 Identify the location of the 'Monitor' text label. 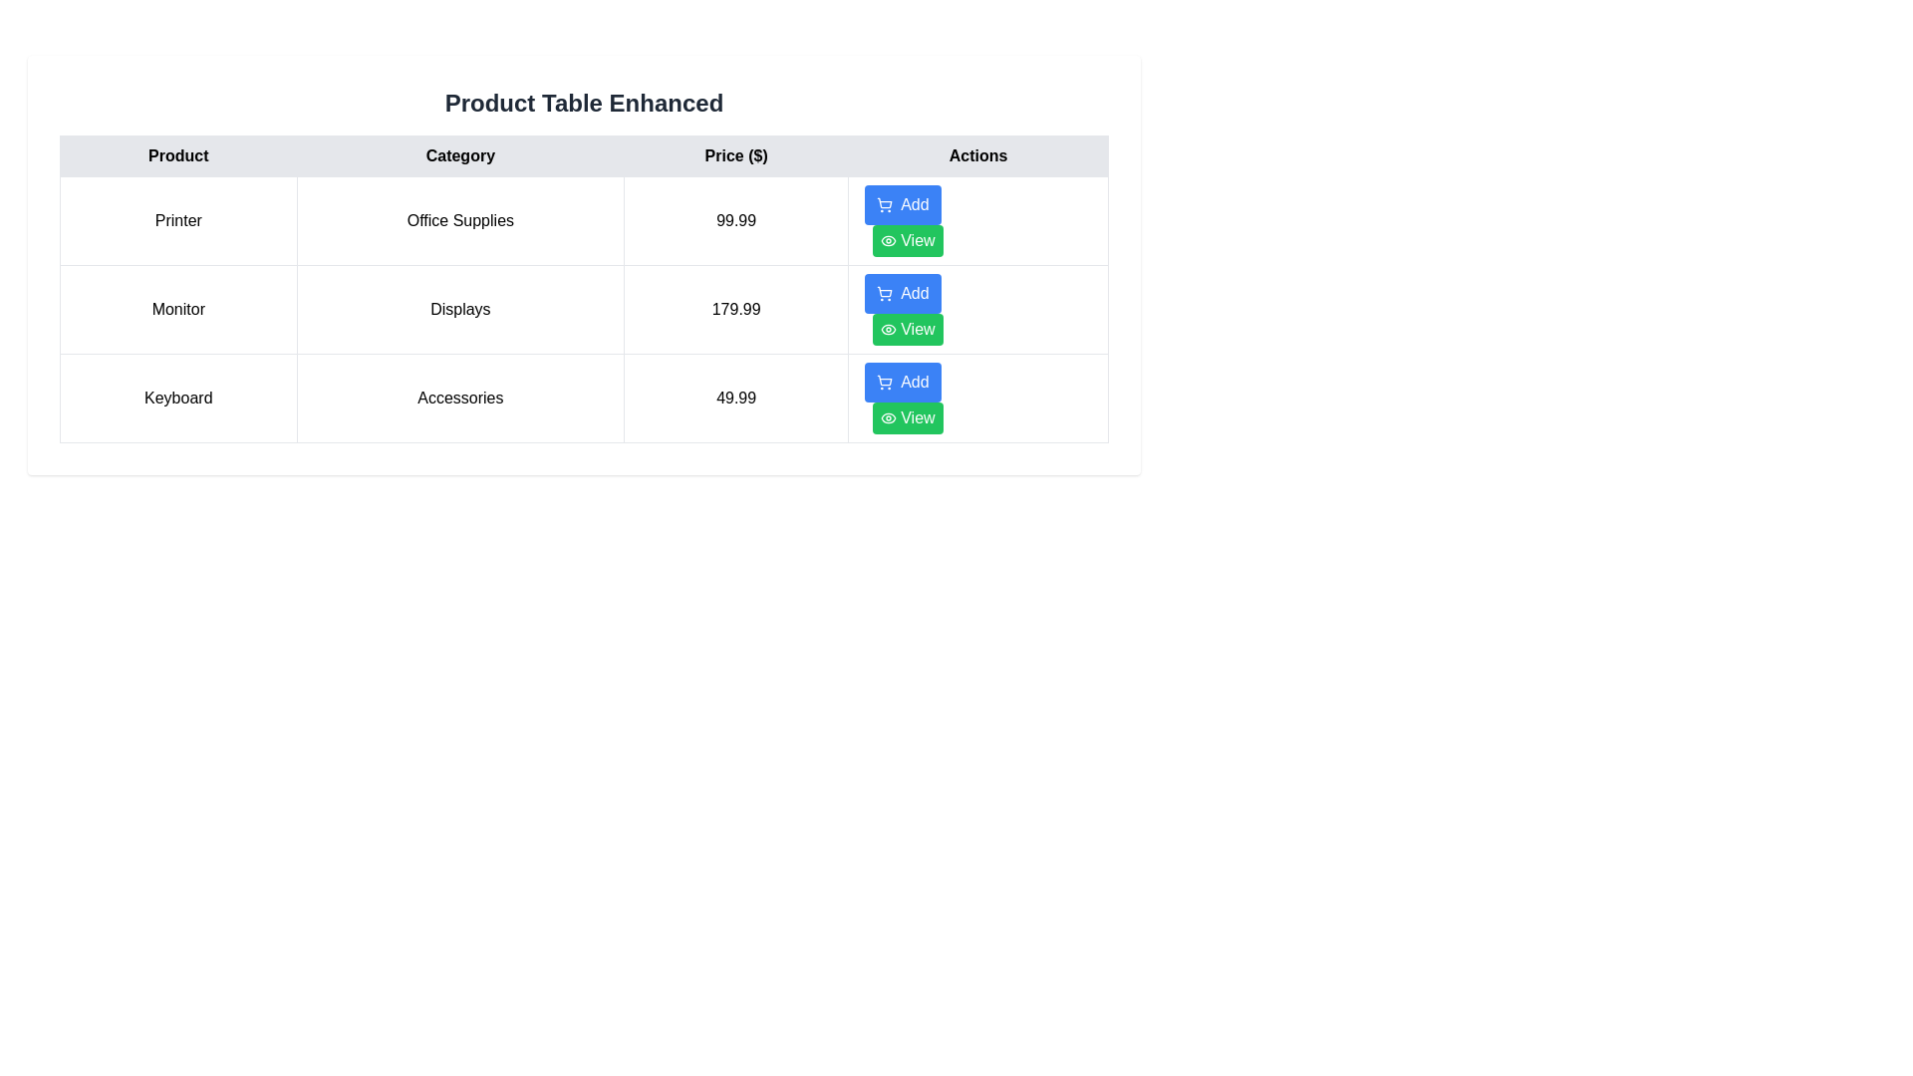
(178, 310).